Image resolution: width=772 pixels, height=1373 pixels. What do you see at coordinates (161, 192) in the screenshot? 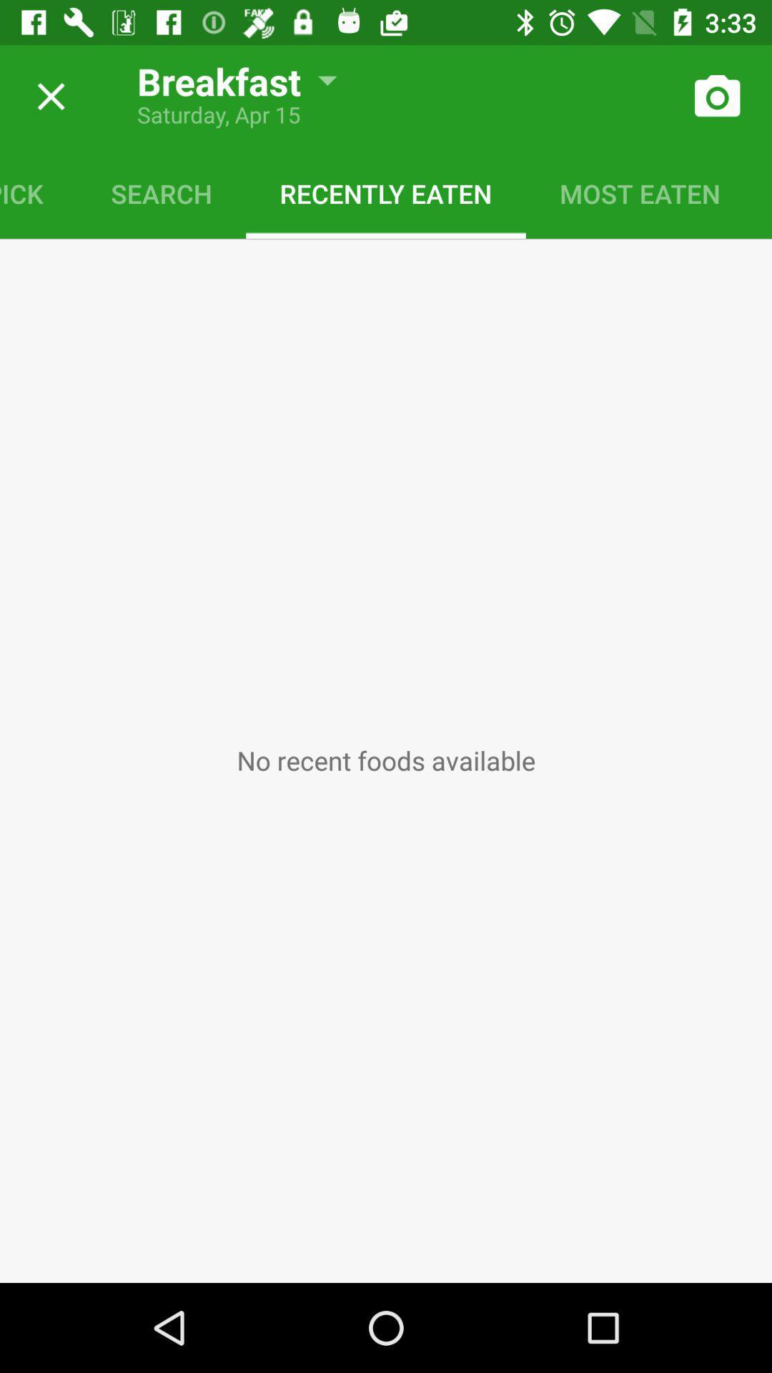
I see `item to the left of the recently eaten icon` at bounding box center [161, 192].